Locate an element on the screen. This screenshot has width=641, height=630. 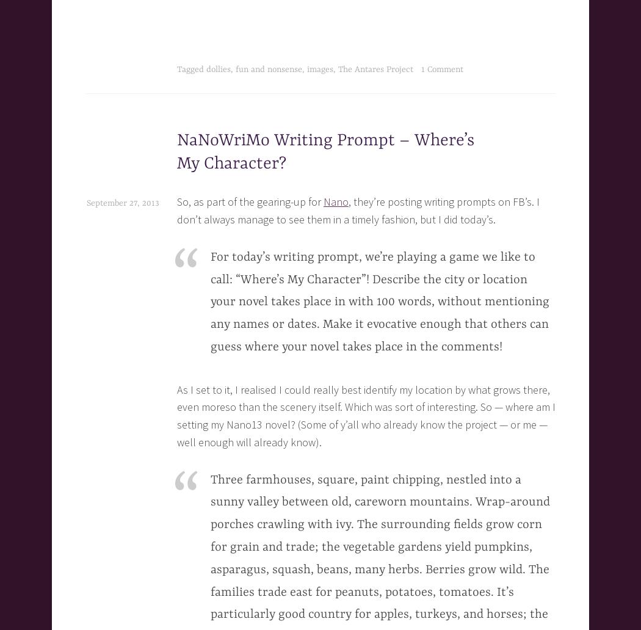
'The Antares Project' is located at coordinates (375, 70).